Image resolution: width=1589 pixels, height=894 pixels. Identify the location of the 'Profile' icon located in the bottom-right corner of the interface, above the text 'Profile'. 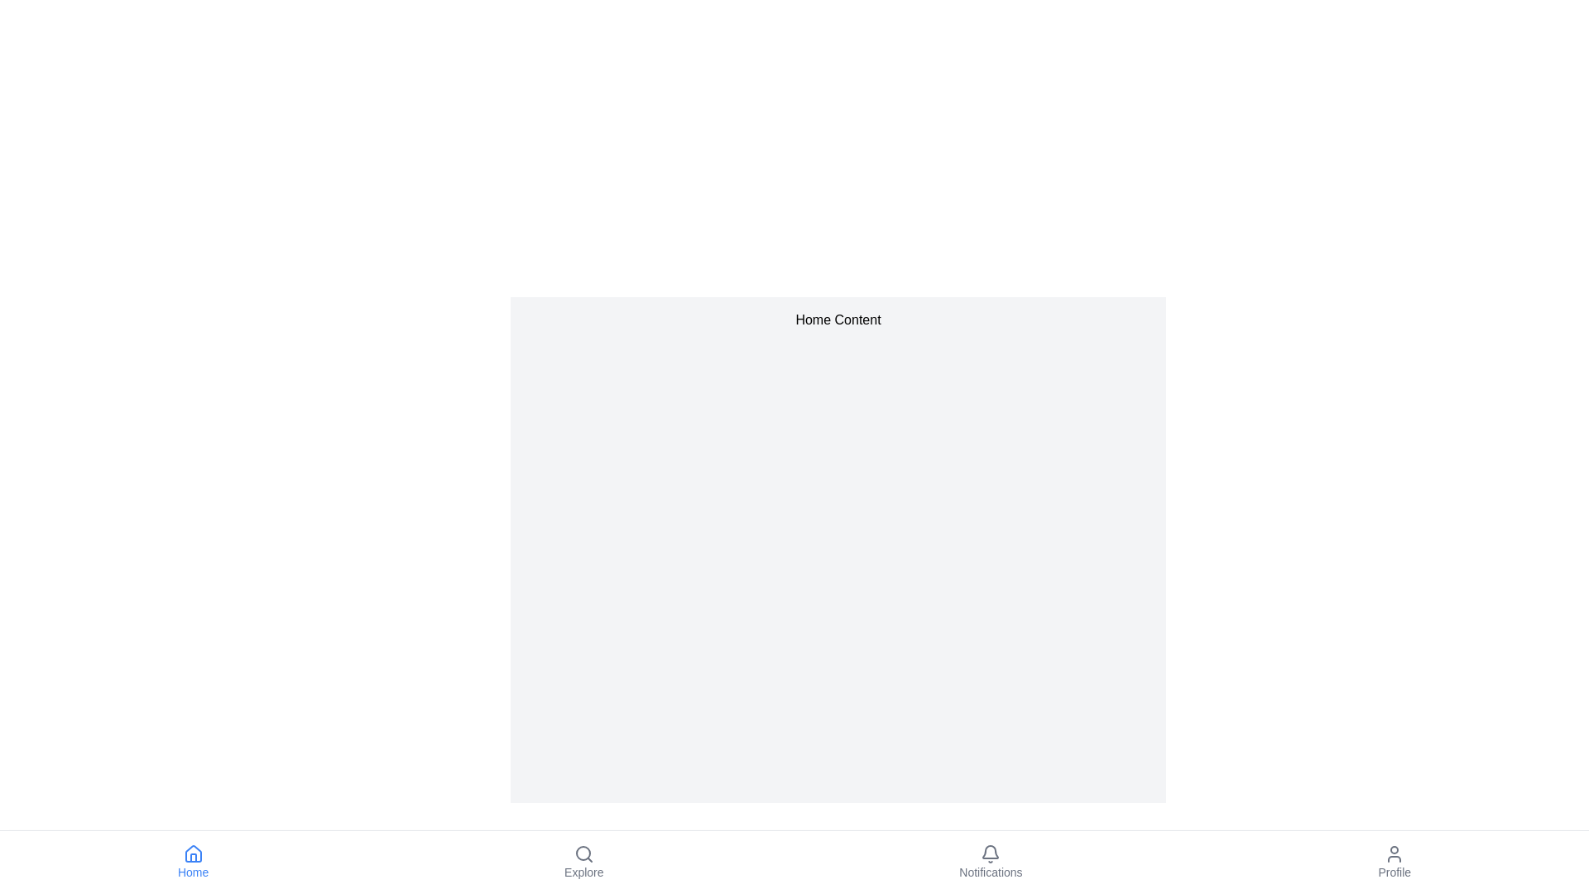
(1394, 854).